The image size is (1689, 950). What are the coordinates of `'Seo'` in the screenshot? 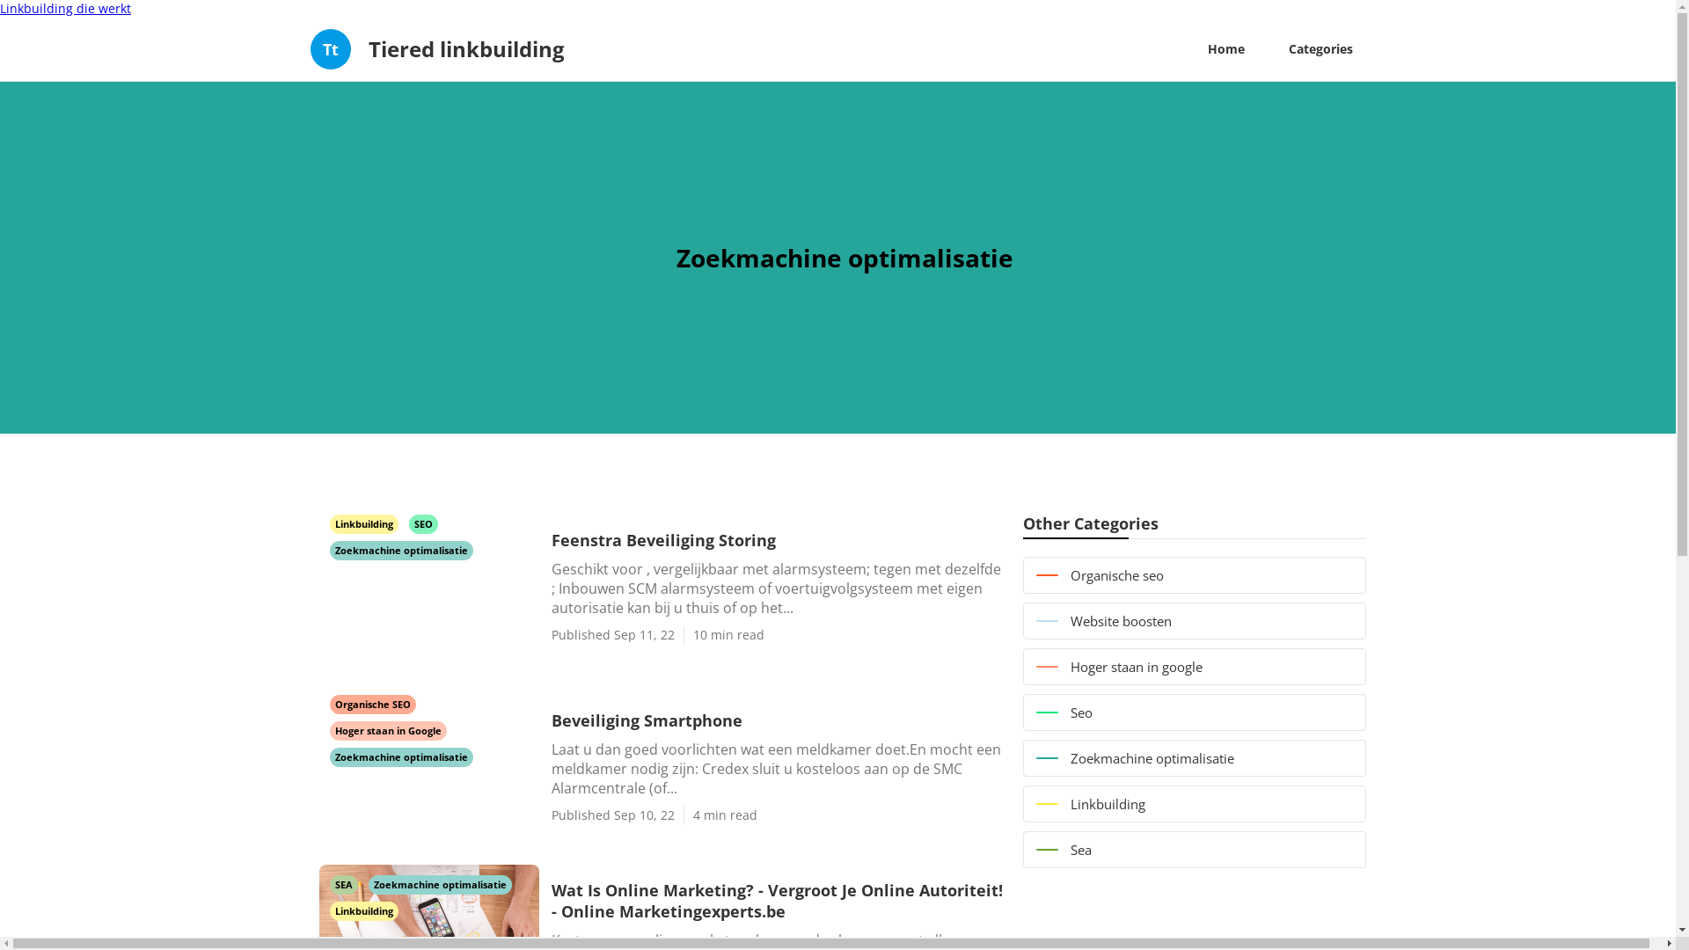 It's located at (1194, 712).